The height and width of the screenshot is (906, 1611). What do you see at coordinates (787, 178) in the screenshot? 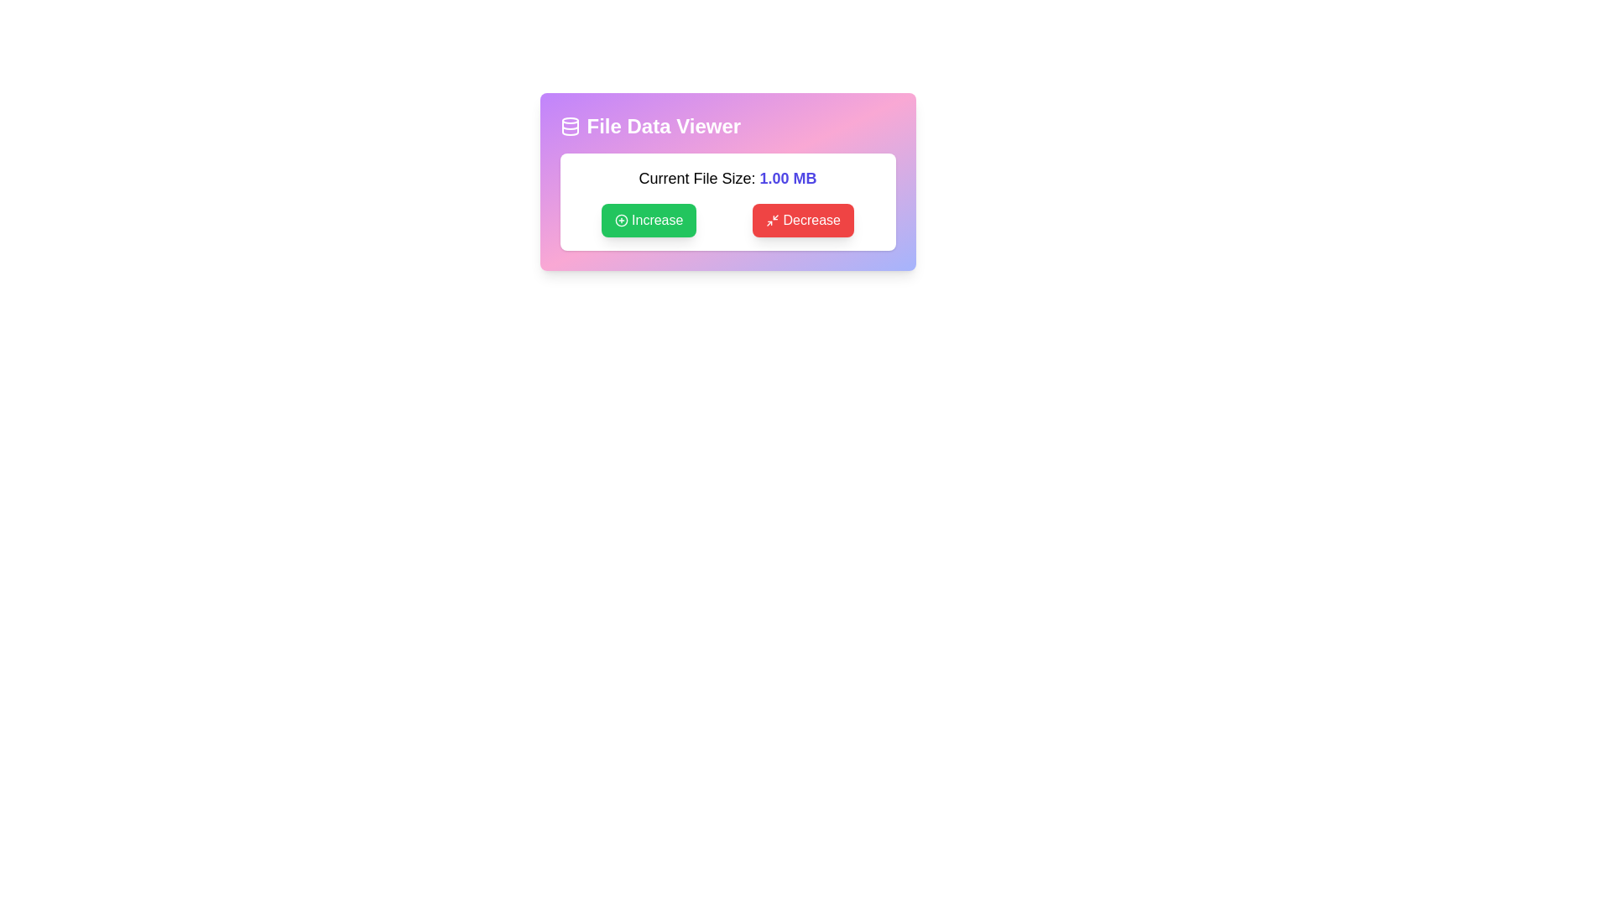
I see `the static text display element that shows the current file size of '1.00 MB', located to the right of the label 'Current File Size:'` at bounding box center [787, 178].